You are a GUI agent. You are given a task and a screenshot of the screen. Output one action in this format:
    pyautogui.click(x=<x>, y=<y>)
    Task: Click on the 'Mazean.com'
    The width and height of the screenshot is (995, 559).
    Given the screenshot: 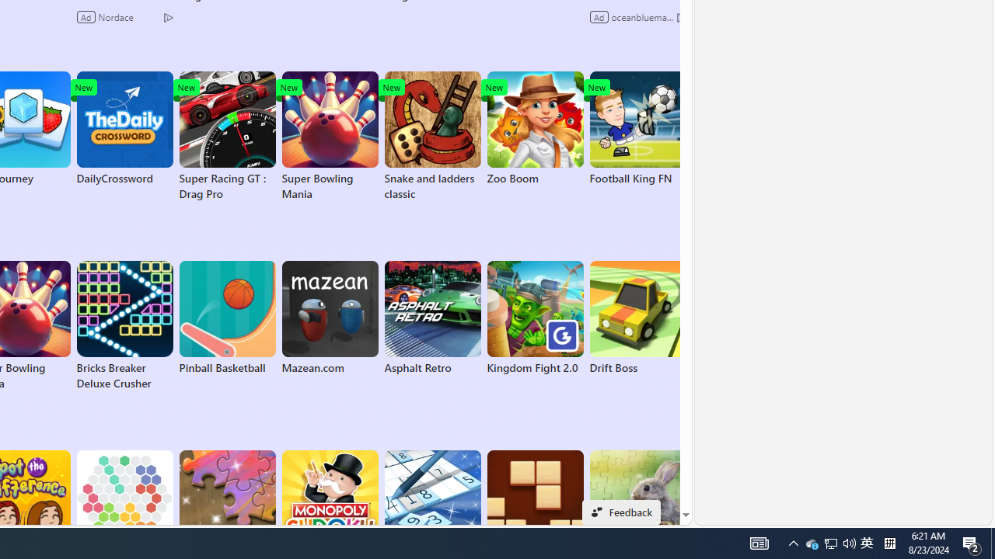 What is the action you would take?
    pyautogui.click(x=329, y=318)
    